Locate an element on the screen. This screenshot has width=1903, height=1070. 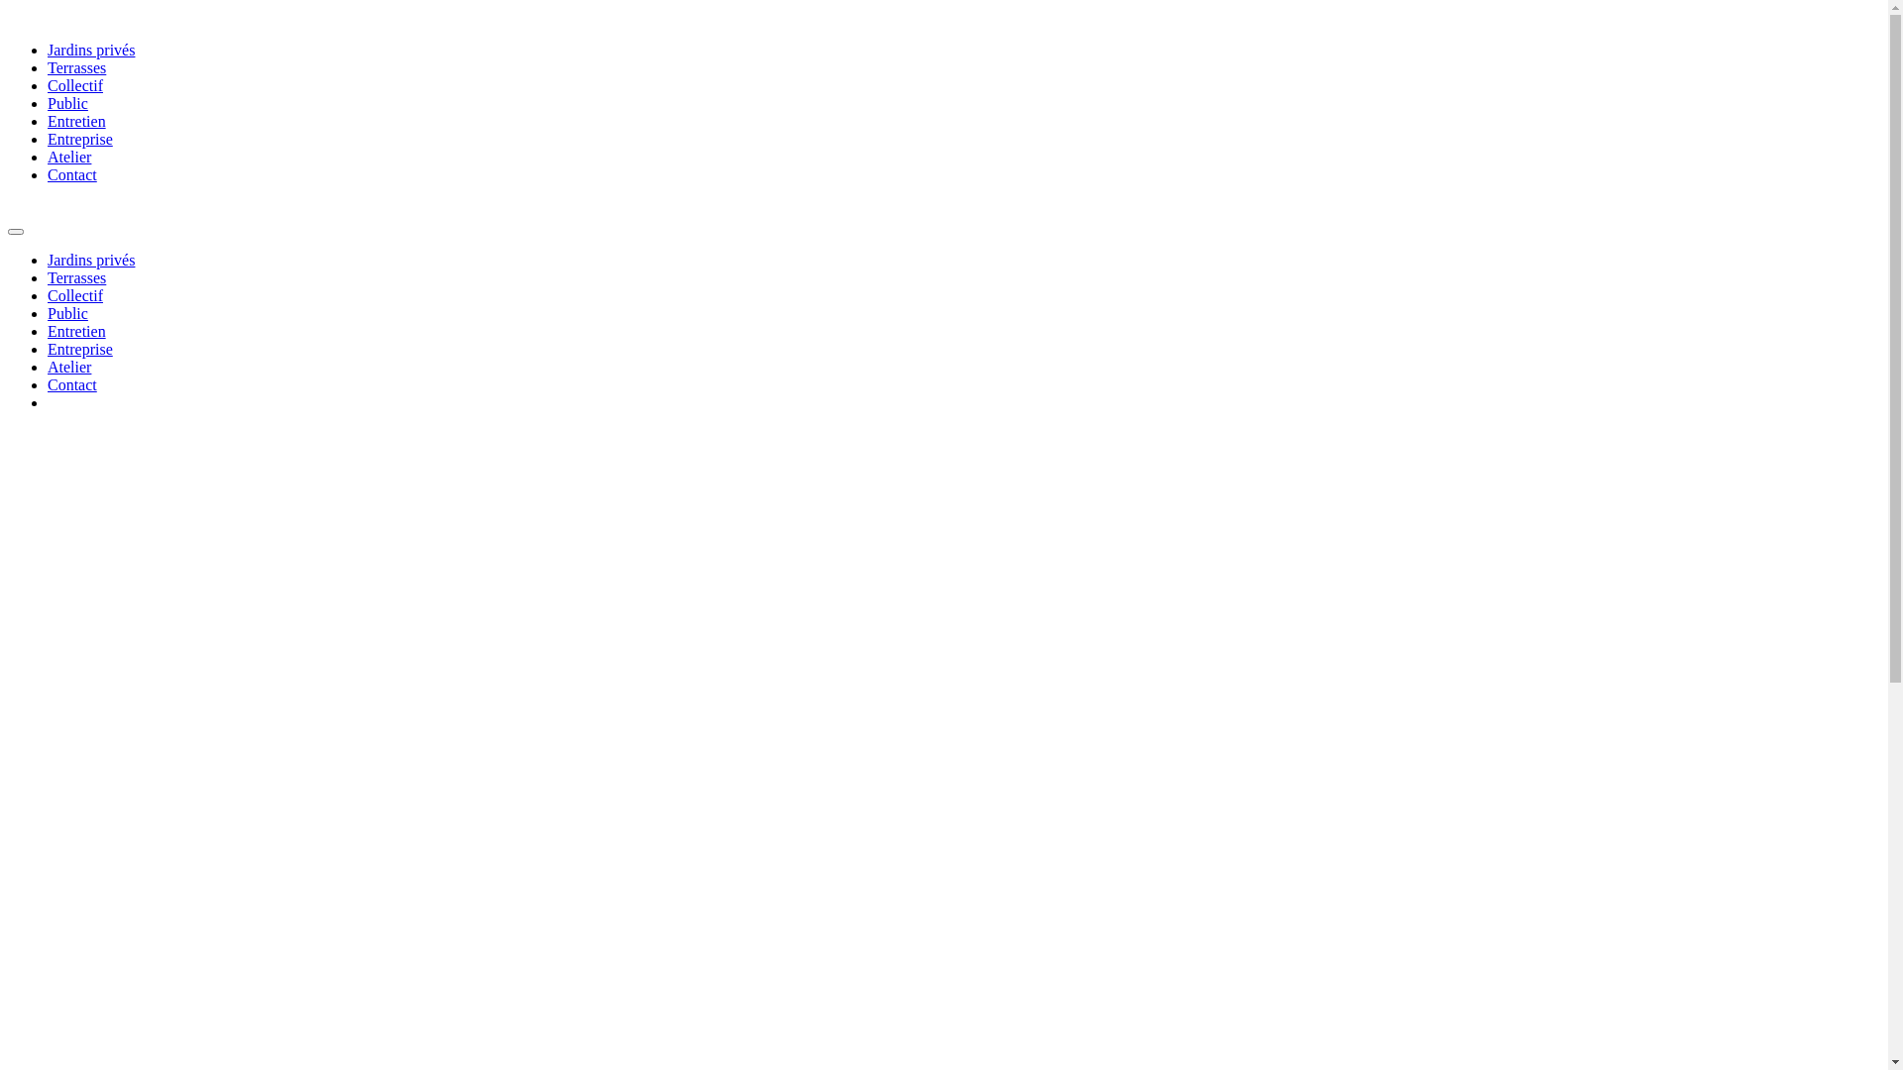
'Atelier' is located at coordinates (69, 367).